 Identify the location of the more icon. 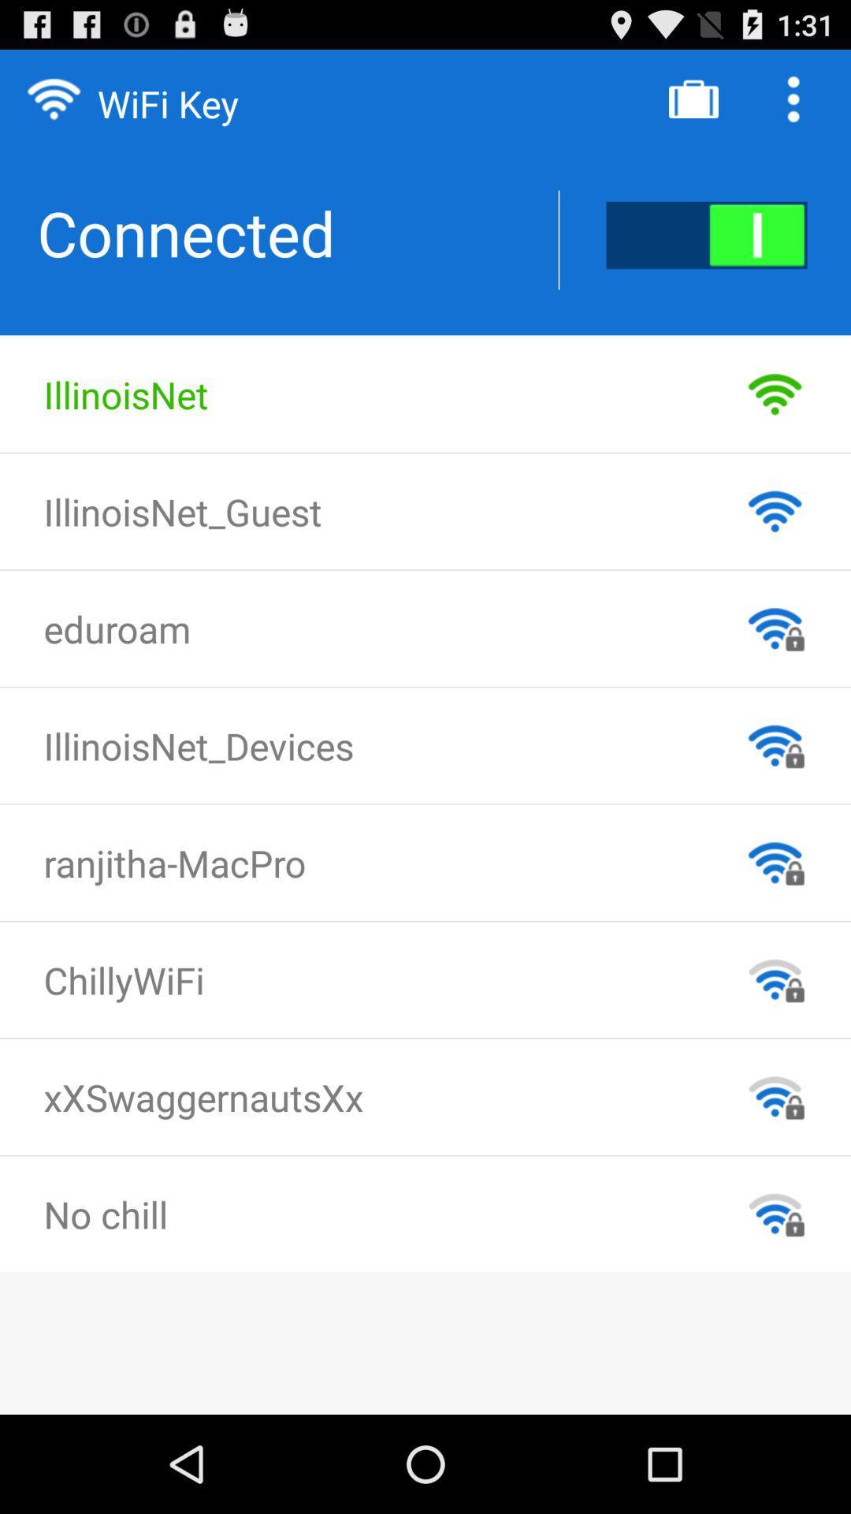
(797, 105).